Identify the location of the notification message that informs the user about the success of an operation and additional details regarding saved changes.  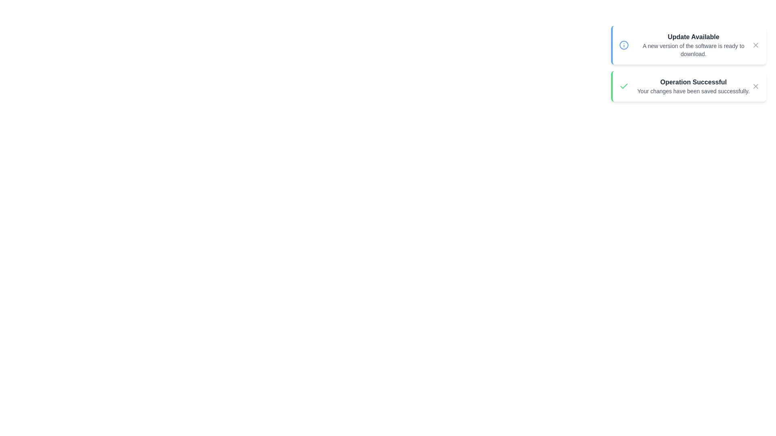
(693, 86).